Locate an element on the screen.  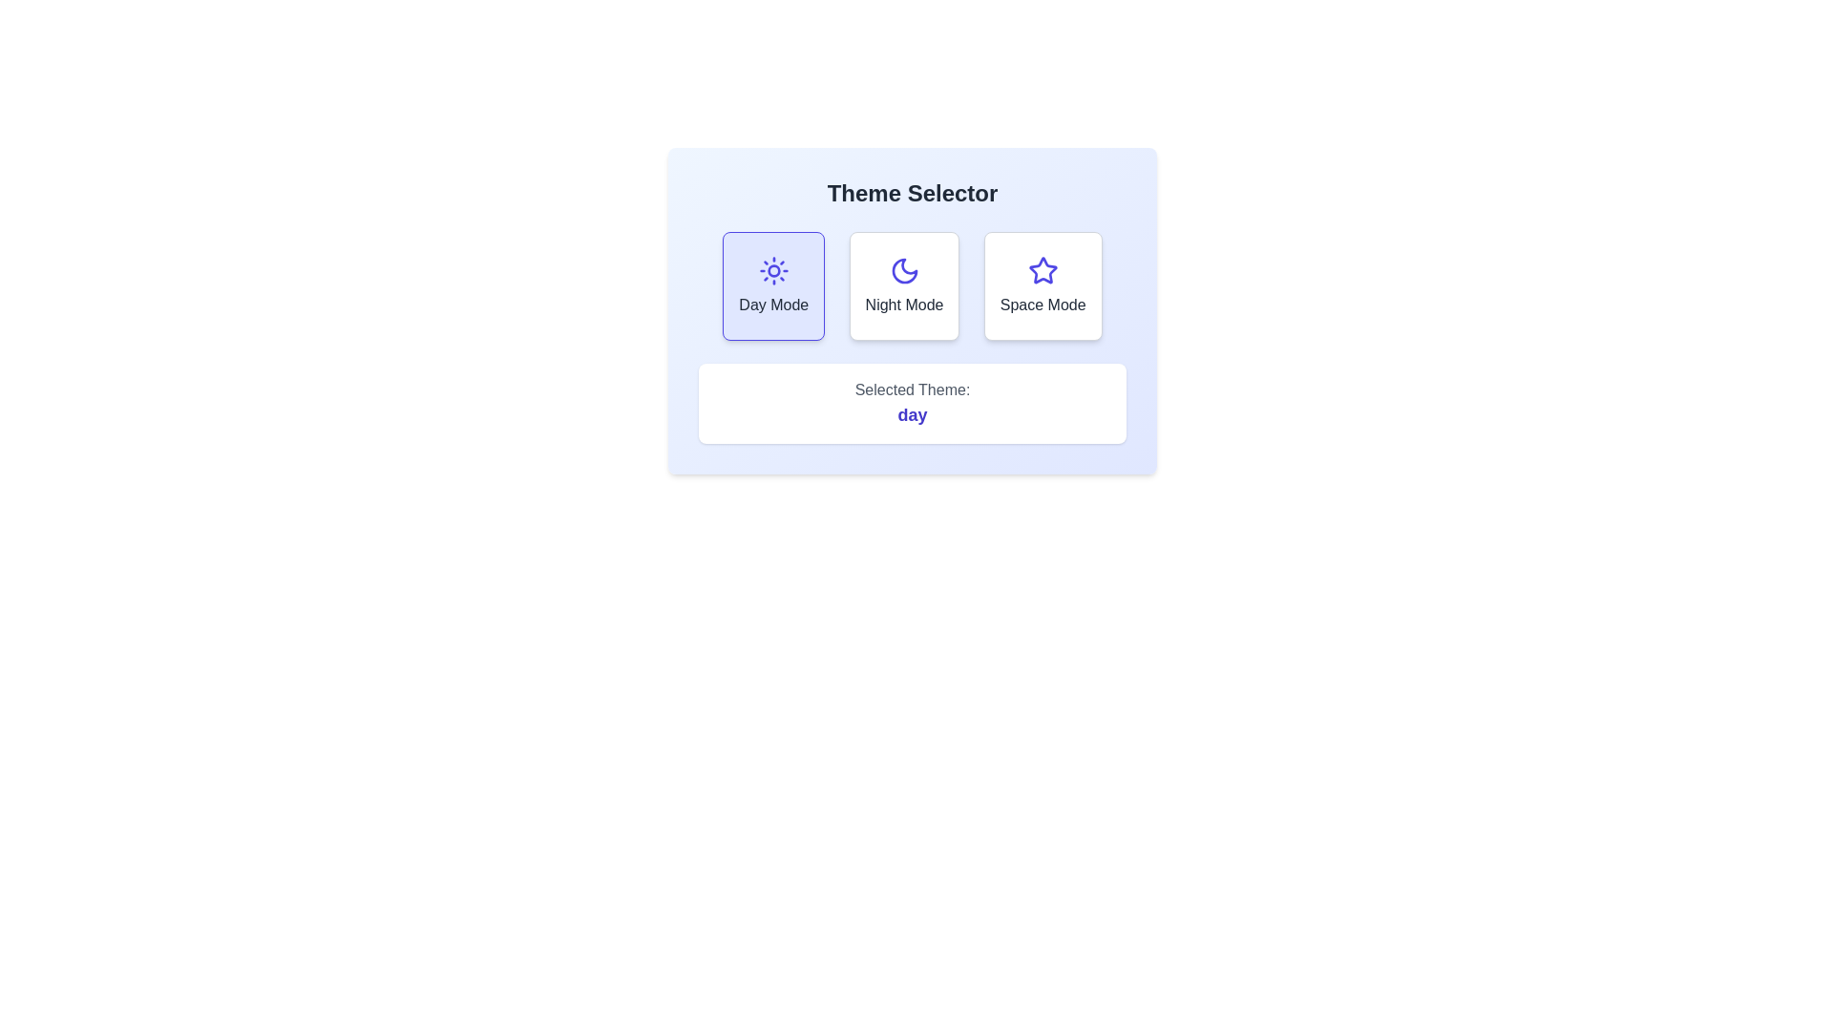
the text label describing 'Day Mode', which is centrally aligned below the sun icon in the theme selection interface is located at coordinates (773, 305).